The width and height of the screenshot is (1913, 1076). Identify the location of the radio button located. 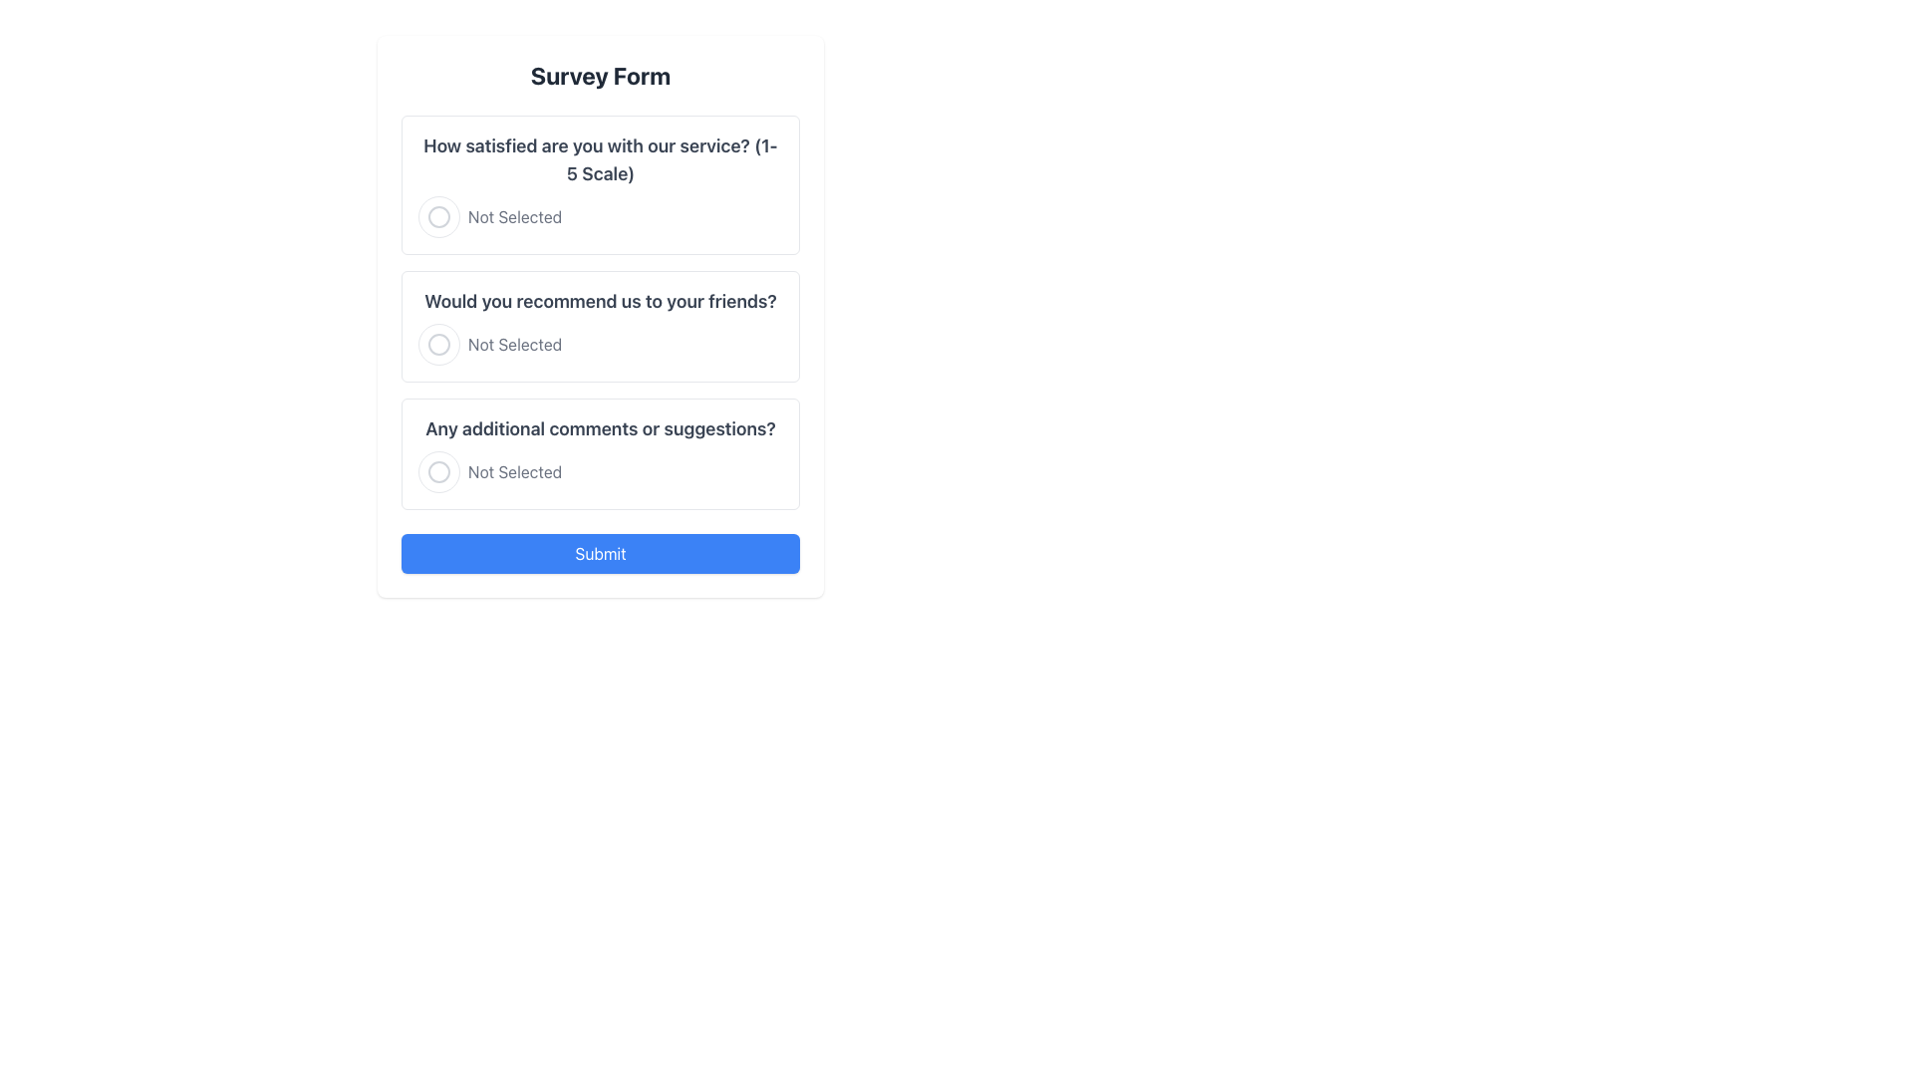
(438, 472).